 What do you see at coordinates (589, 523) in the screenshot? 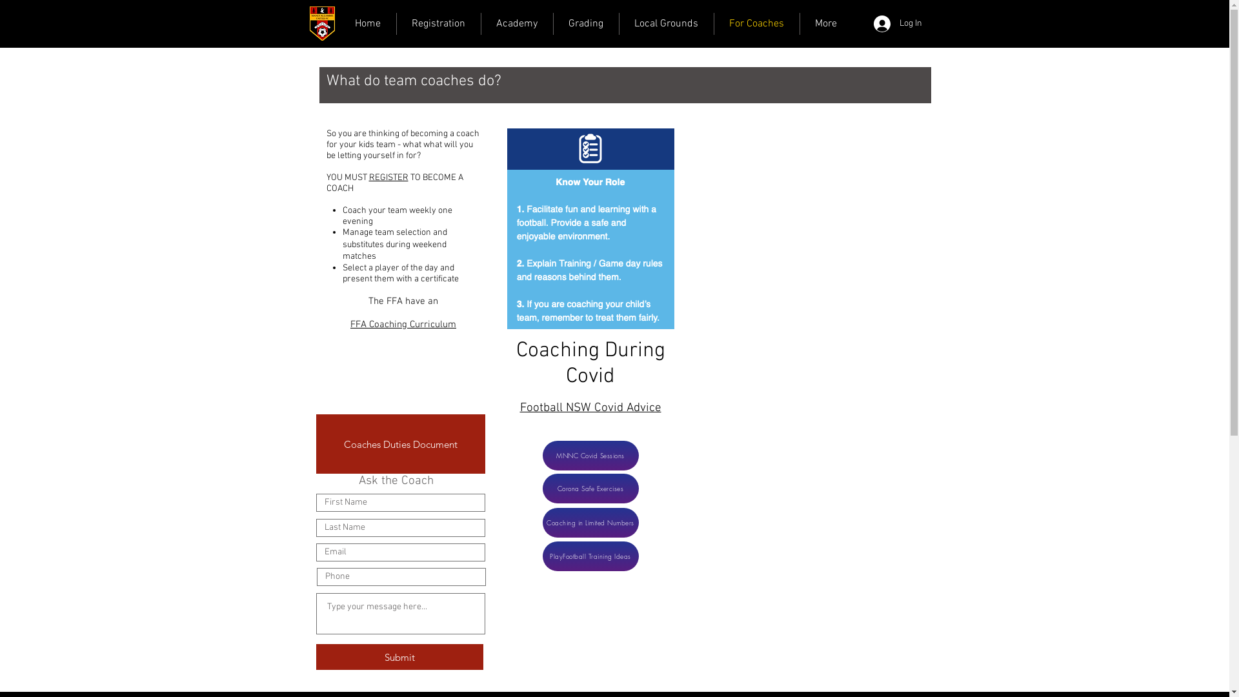
I see `'Coaching in Limited Numbers'` at bounding box center [589, 523].